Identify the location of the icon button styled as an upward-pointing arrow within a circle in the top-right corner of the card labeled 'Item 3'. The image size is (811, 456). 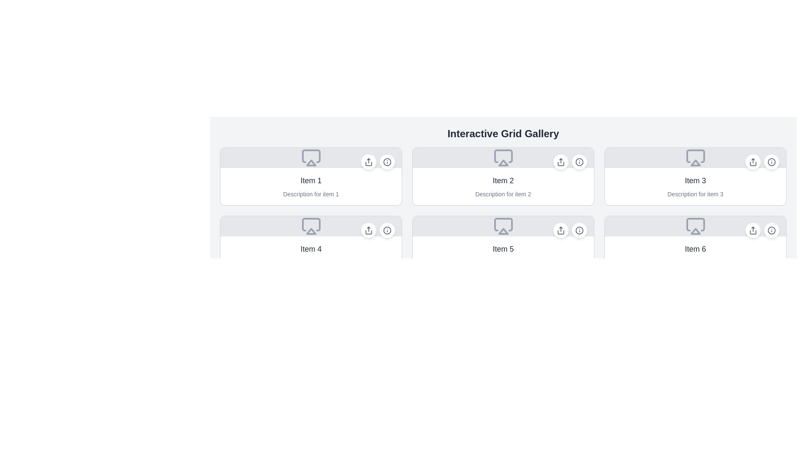
(753, 162).